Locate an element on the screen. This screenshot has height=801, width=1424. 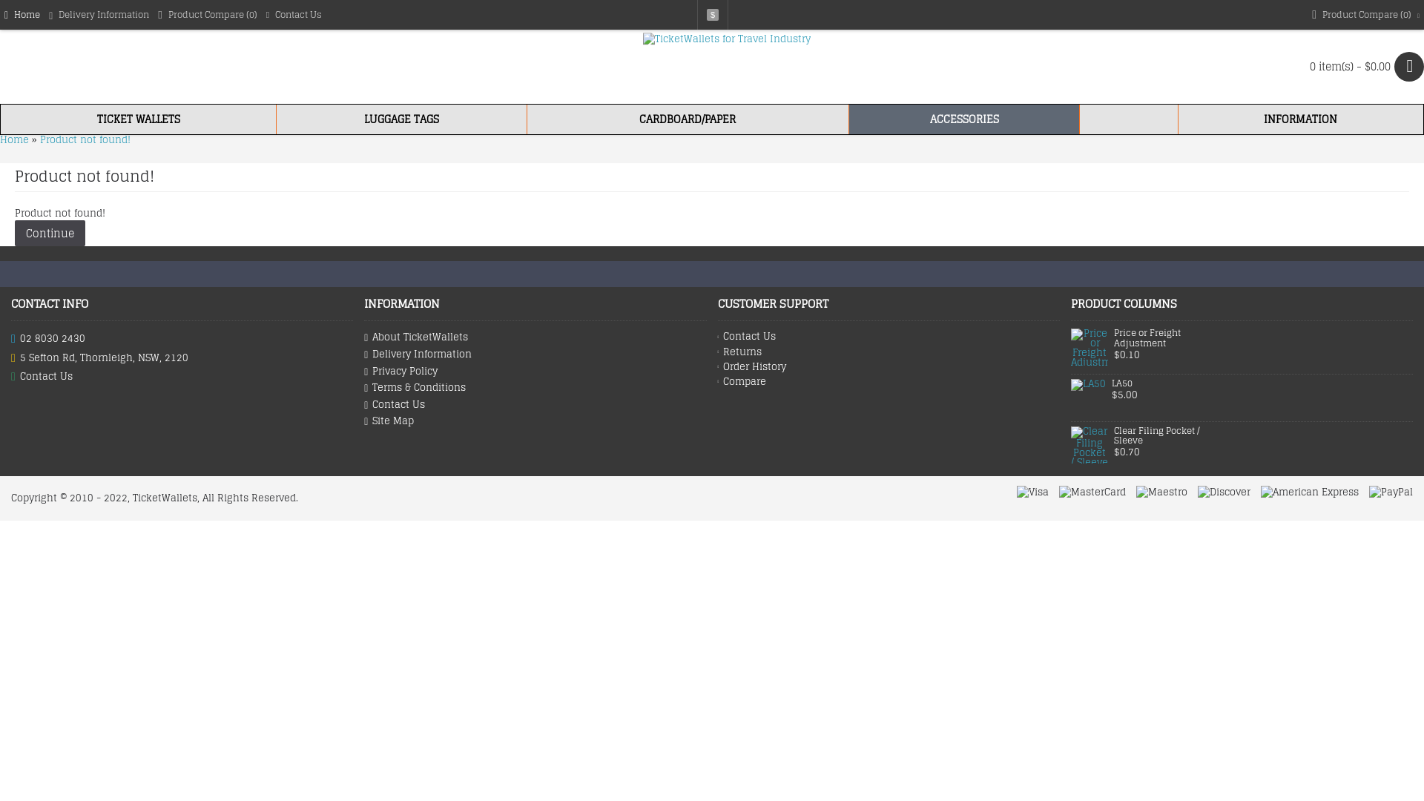
'TICKET WALLETS' is located at coordinates (0, 119).